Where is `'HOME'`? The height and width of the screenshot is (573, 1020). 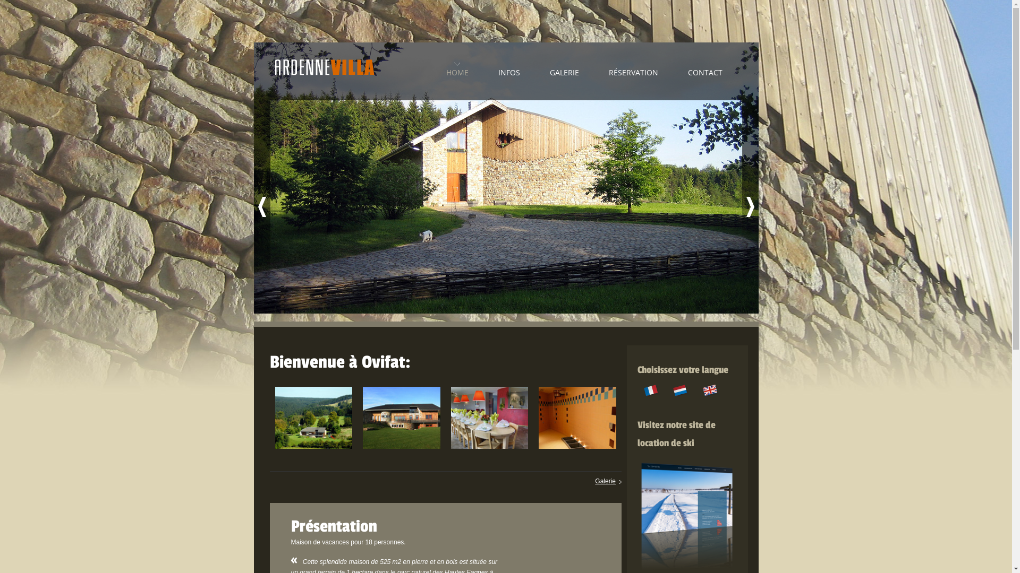
'HOME' is located at coordinates (457, 70).